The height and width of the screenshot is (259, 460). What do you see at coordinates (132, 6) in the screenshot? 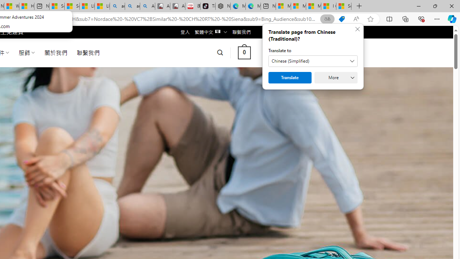
I see `'amazon - Search Images'` at bounding box center [132, 6].